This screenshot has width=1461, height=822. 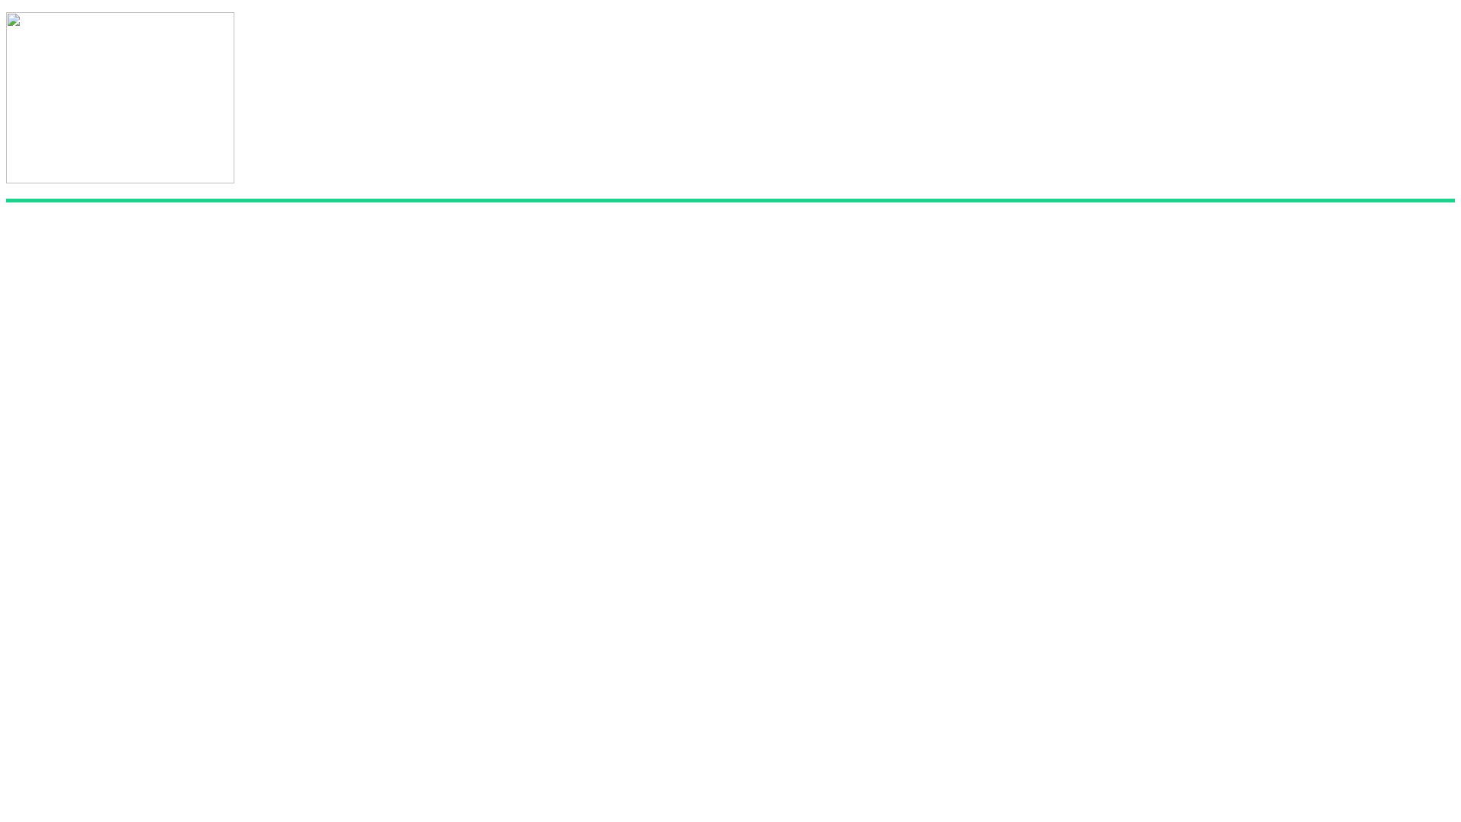 What do you see at coordinates (5, 11) in the screenshot?
I see `'Skip to content'` at bounding box center [5, 11].